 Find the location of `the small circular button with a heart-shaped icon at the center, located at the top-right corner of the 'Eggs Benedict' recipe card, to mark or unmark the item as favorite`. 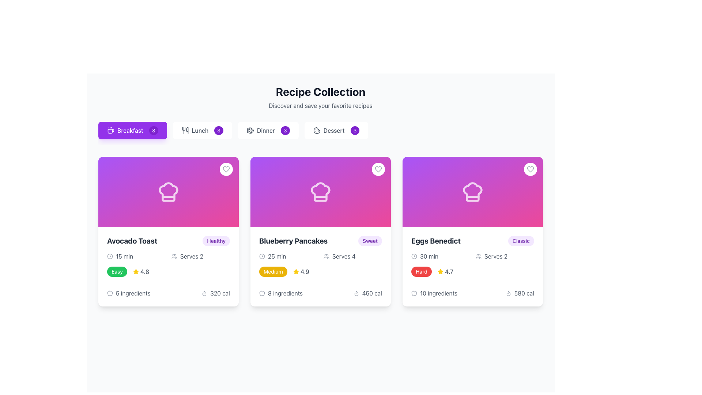

the small circular button with a heart-shaped icon at the center, located at the top-right corner of the 'Eggs Benedict' recipe card, to mark or unmark the item as favorite is located at coordinates (530, 169).